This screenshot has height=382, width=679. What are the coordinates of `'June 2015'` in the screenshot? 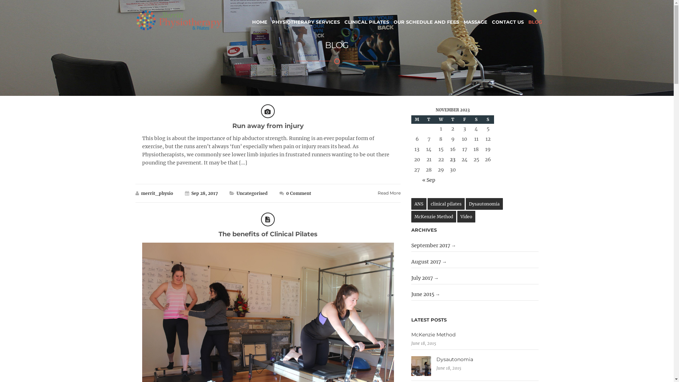 It's located at (425, 294).